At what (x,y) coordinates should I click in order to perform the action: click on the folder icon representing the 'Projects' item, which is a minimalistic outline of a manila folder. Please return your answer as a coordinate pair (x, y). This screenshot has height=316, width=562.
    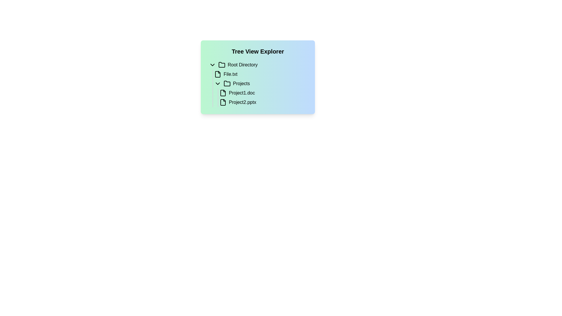
    Looking at the image, I should click on (227, 83).